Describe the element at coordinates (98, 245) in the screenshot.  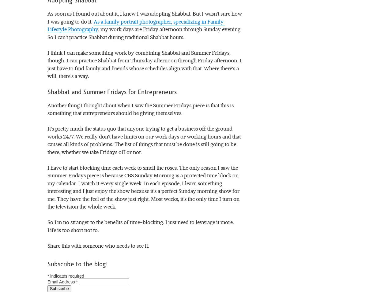
I see `'Share this with someone who needs to see it.'` at that location.